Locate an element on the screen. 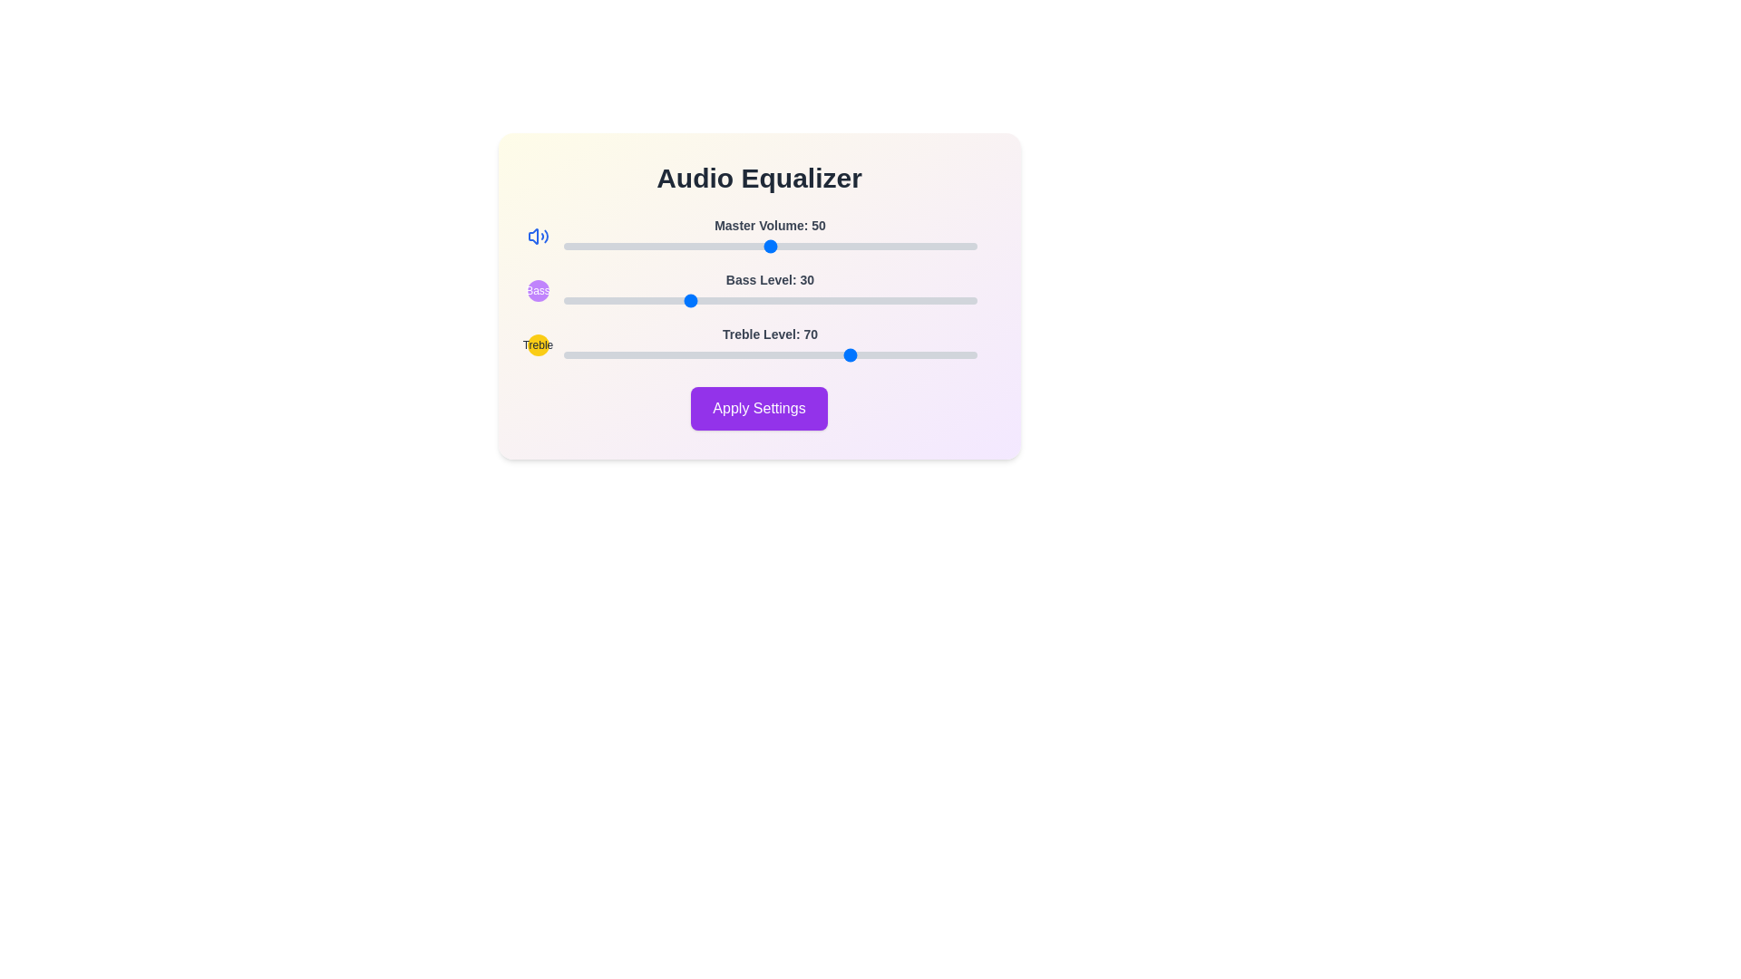  the bass level is located at coordinates (592, 299).